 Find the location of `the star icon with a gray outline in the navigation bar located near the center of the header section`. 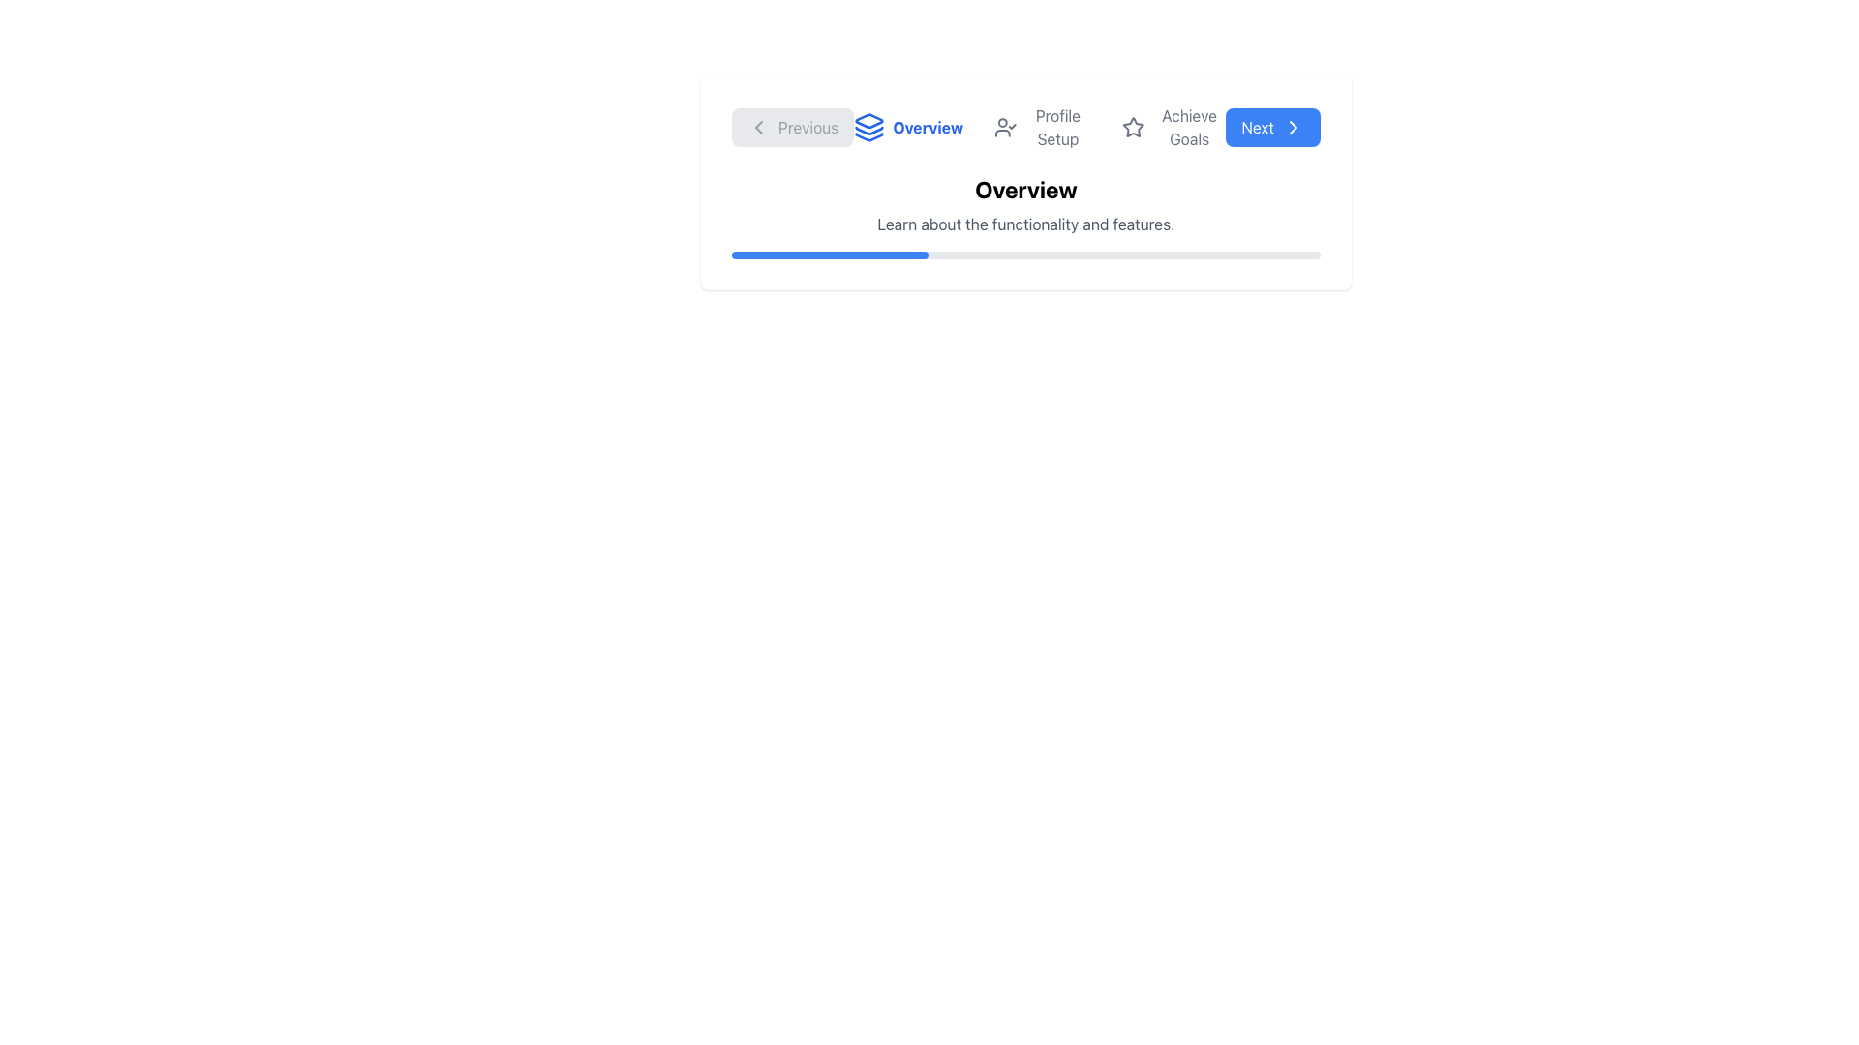

the star icon with a gray outline in the navigation bar located near the center of the header section is located at coordinates (1134, 127).